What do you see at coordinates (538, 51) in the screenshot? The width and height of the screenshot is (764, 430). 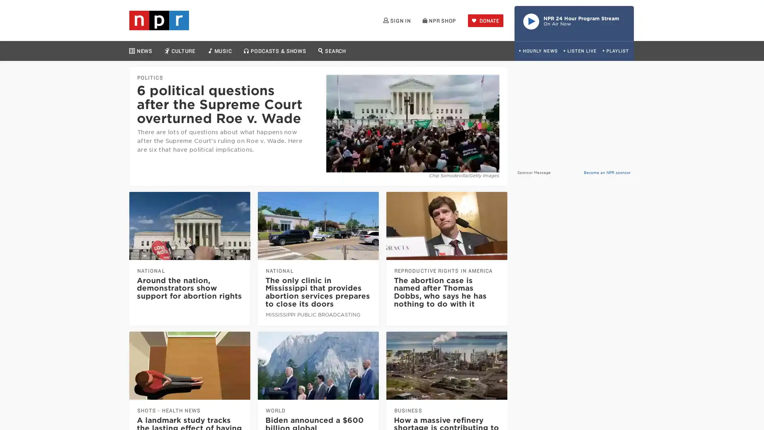 I see `HOURLY NEWS` at bounding box center [538, 51].